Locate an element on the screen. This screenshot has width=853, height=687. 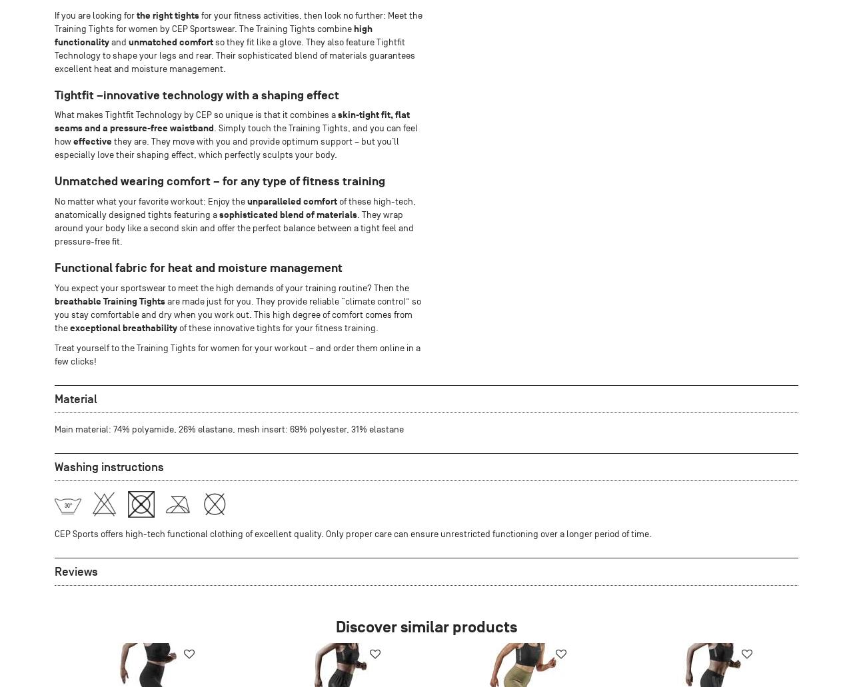
'Treat yourself to the Training Tights for women for your workout – and order them online in a few clicks!' is located at coordinates (237, 354).